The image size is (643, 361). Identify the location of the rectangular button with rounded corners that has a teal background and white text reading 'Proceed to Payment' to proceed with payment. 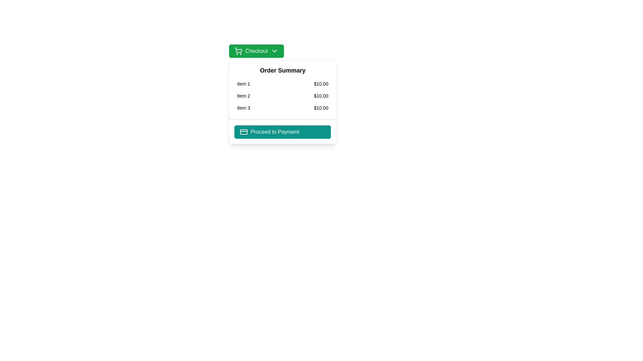
(283, 132).